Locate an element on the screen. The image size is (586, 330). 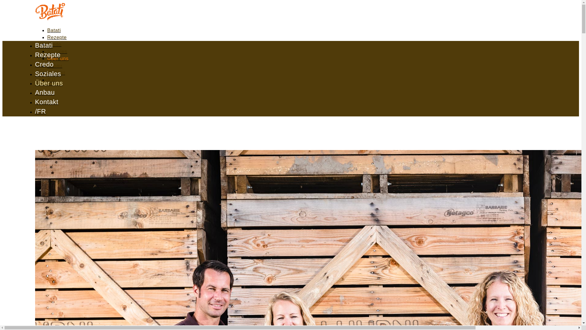
'Soziales' is located at coordinates (48, 74).